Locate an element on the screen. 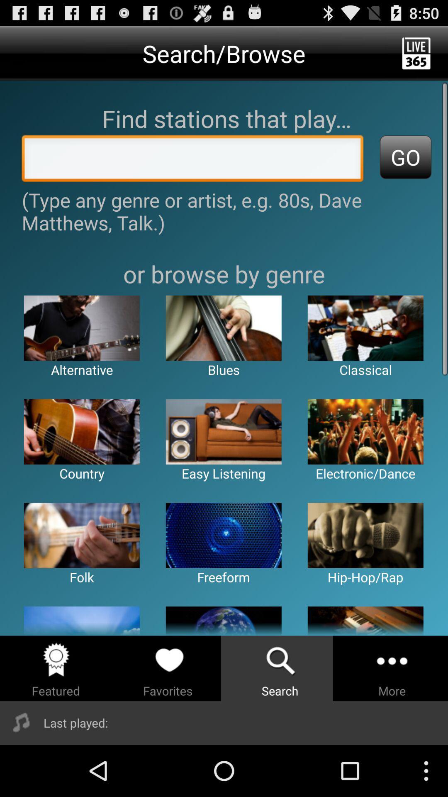 The height and width of the screenshot is (797, 448). the image which is beside freeform is located at coordinates (365, 535).